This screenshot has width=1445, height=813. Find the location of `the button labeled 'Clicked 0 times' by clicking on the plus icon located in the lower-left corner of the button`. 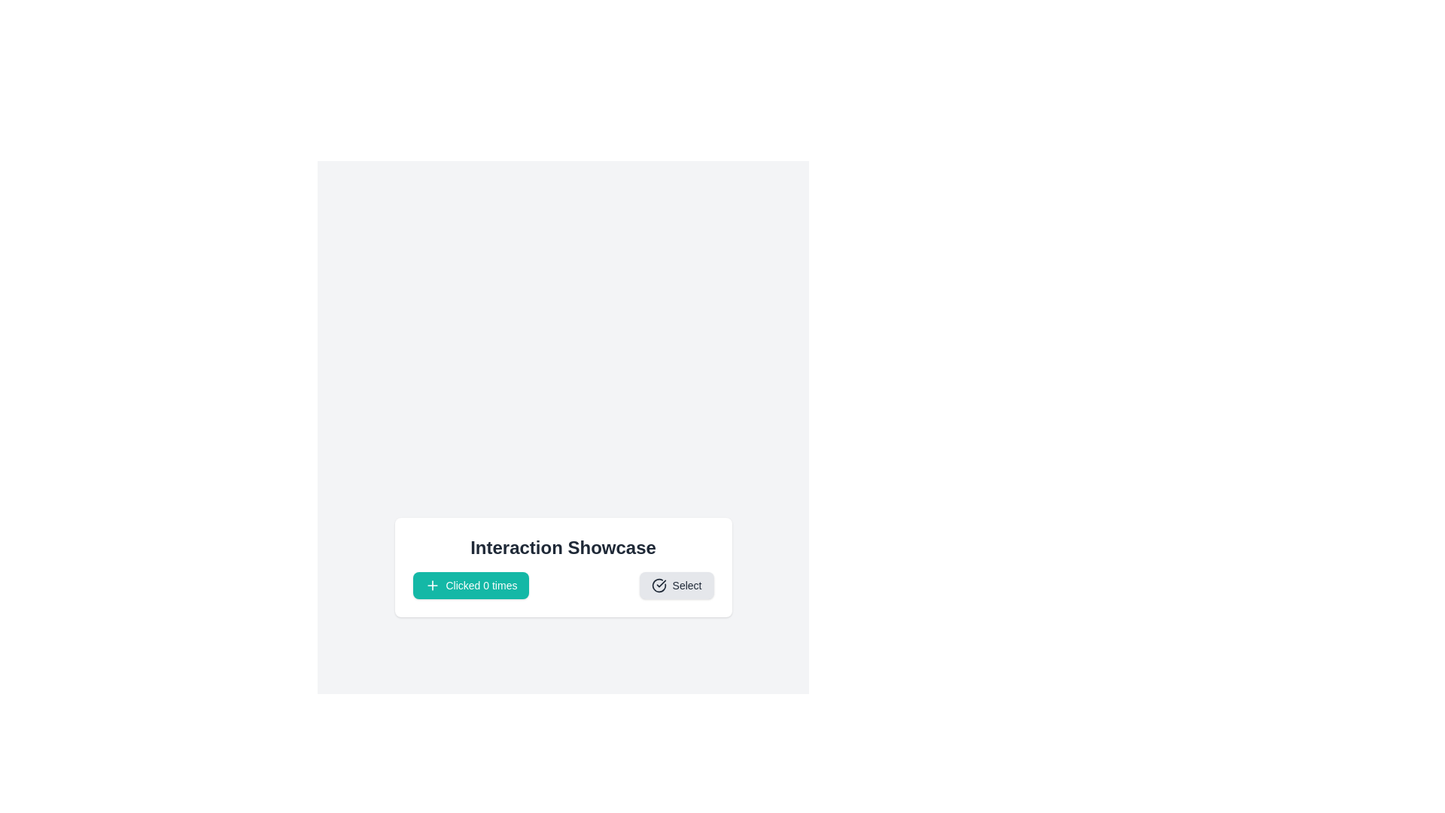

the button labeled 'Clicked 0 times' by clicking on the plus icon located in the lower-left corner of the button is located at coordinates (431, 585).